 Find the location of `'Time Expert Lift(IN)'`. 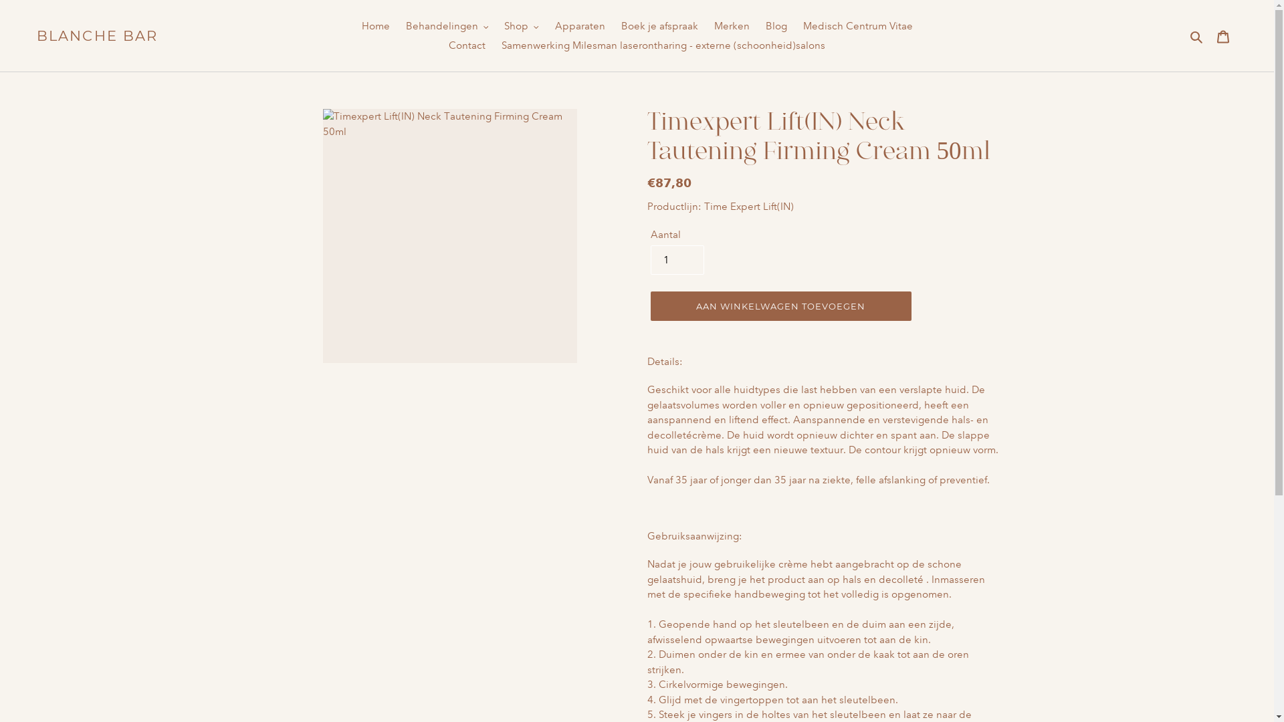

'Time Expert Lift(IN)' is located at coordinates (747, 206).